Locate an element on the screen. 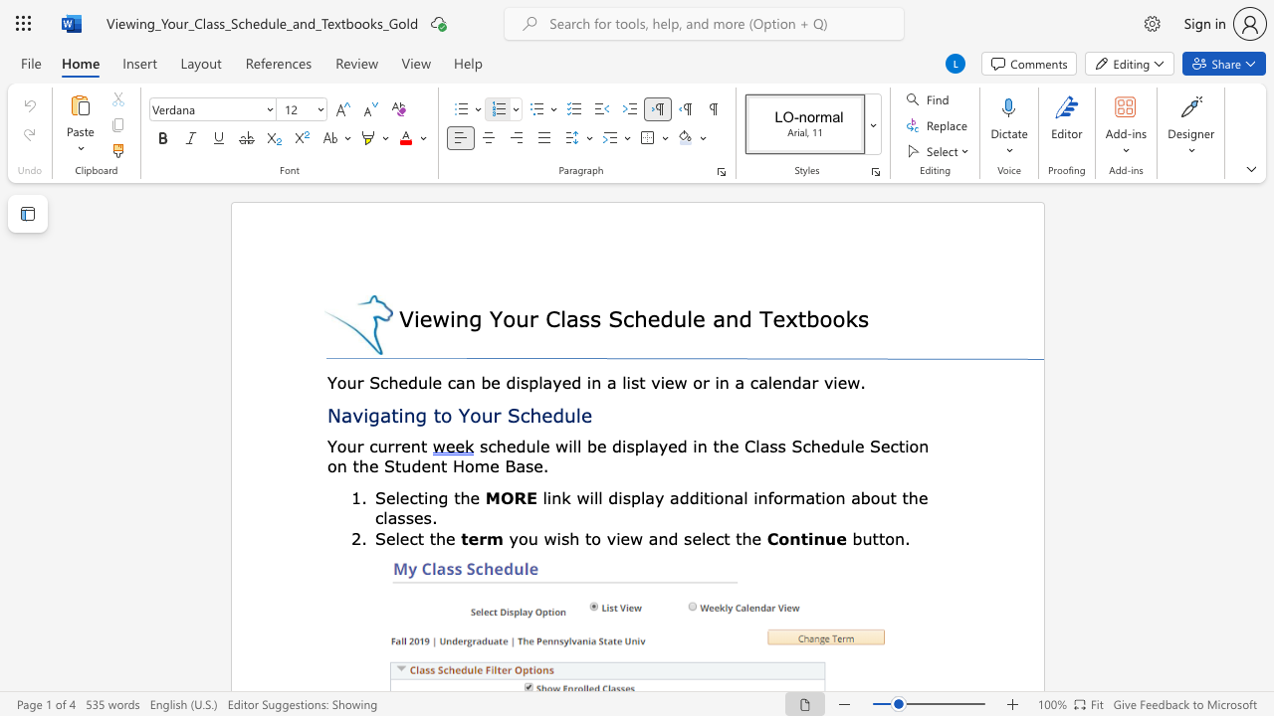 This screenshot has width=1274, height=716. the 7th character "e" in the text is located at coordinates (859, 445).